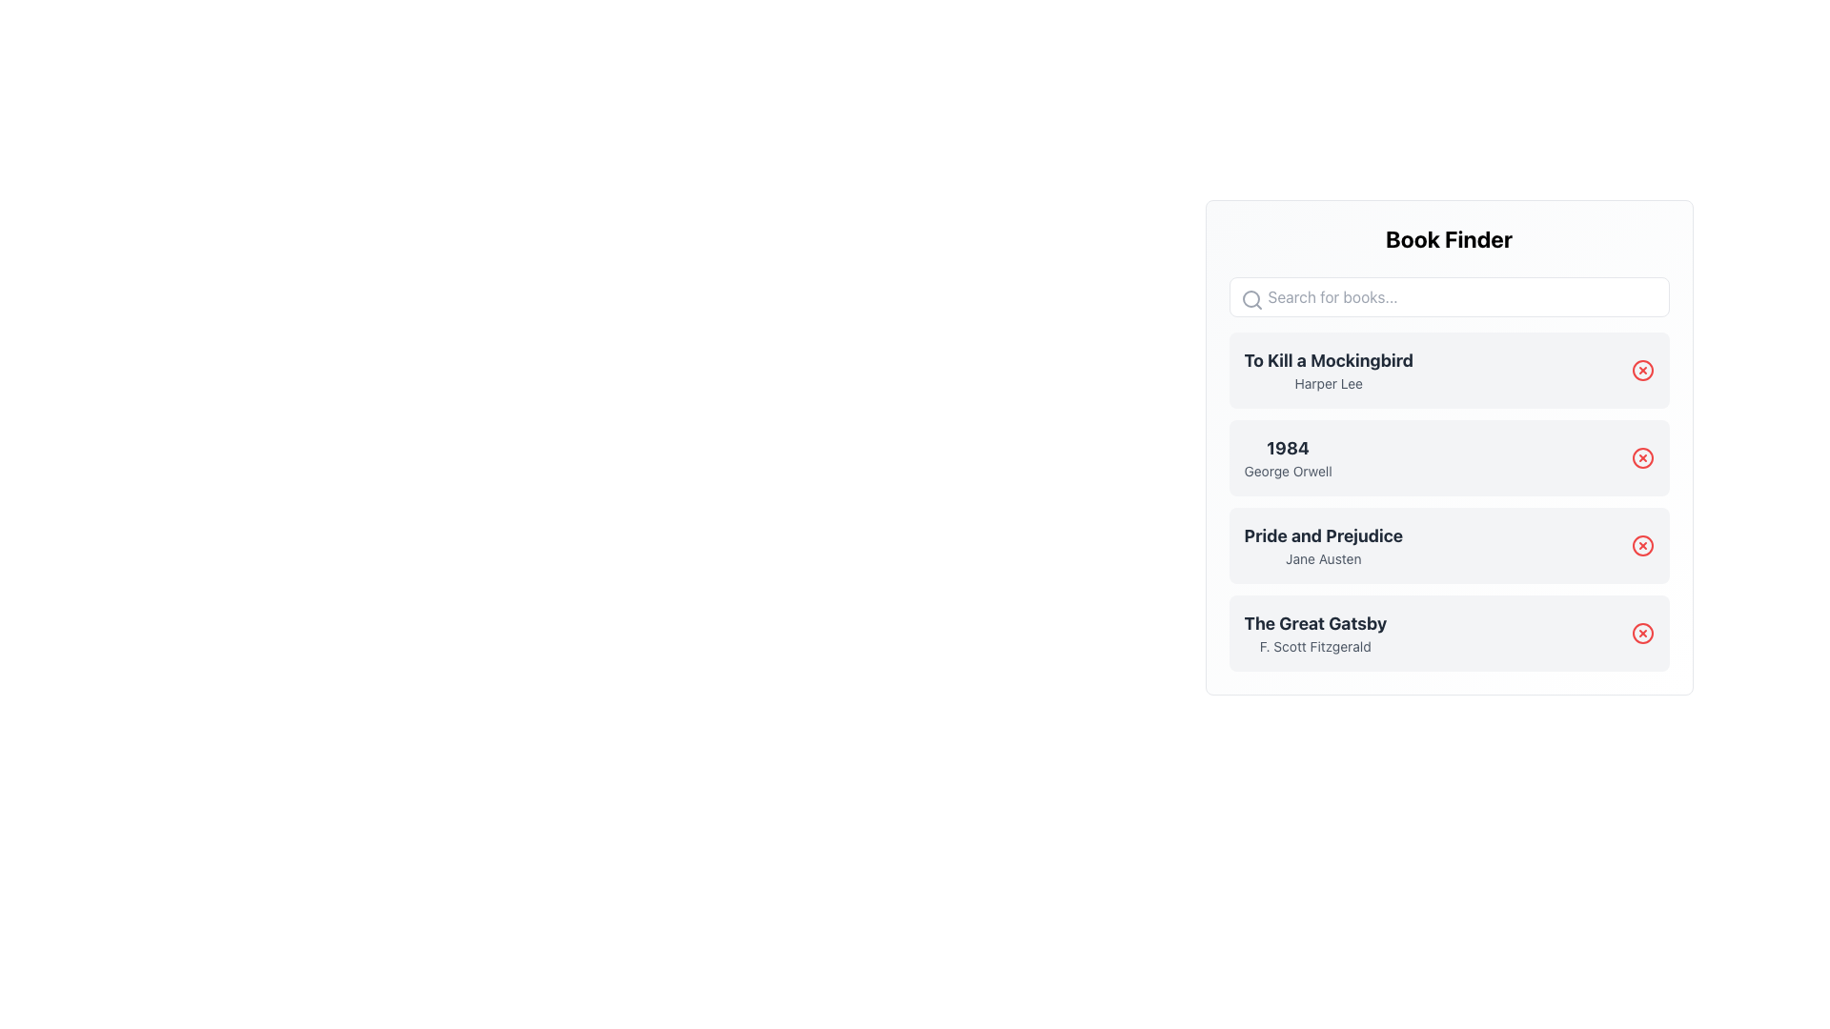 Image resolution: width=1830 pixels, height=1029 pixels. Describe the element at coordinates (1288, 458) in the screenshot. I see `text of the second book entry titled '1984' by George Orwell in the 'Book Finder' interface` at that location.